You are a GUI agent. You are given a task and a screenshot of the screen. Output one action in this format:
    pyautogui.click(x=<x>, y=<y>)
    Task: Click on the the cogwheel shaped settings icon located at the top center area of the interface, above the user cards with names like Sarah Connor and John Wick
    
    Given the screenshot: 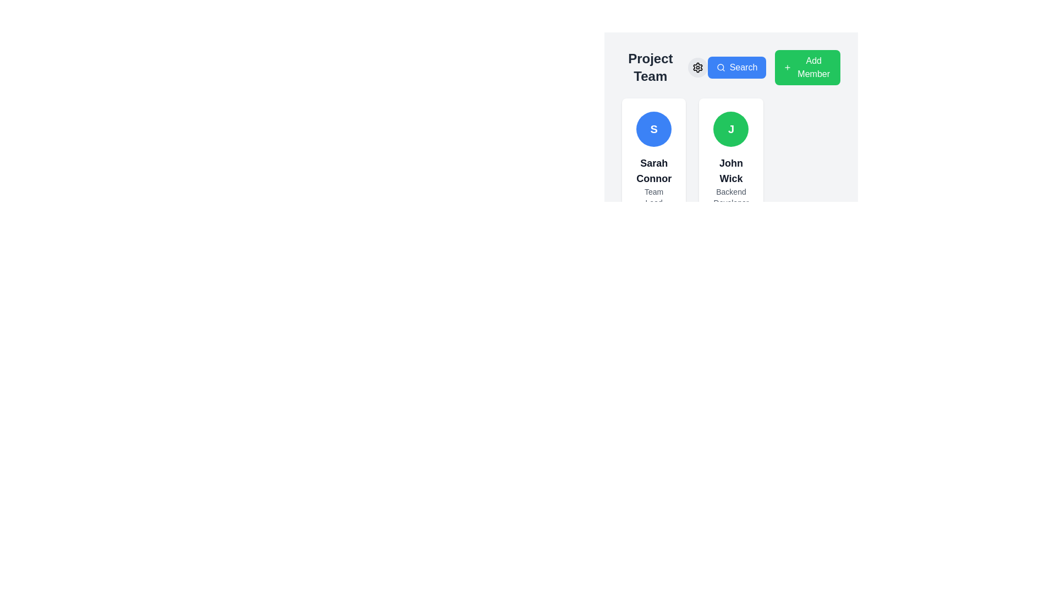 What is the action you would take?
    pyautogui.click(x=696, y=67)
    